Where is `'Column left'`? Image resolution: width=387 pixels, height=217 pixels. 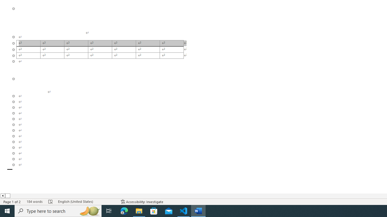 'Column left' is located at coordinates (2, 196).